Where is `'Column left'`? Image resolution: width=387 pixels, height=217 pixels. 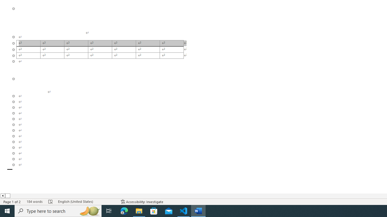 'Column left' is located at coordinates (2, 196).